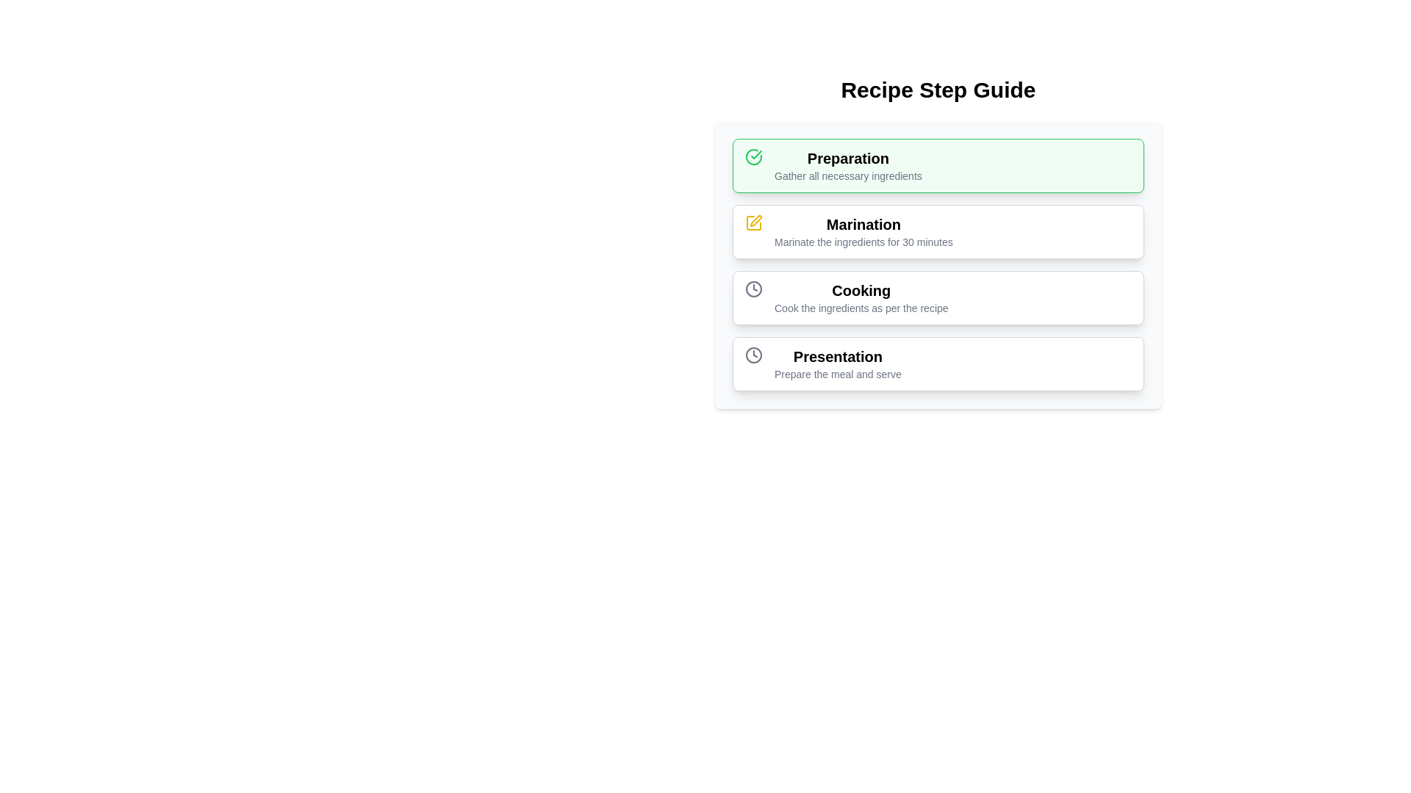  What do you see at coordinates (838, 357) in the screenshot?
I see `the heading text 'Presentation' in the fourth step of the 'Recipe Step Guide', which is styled in bold and larger font` at bounding box center [838, 357].